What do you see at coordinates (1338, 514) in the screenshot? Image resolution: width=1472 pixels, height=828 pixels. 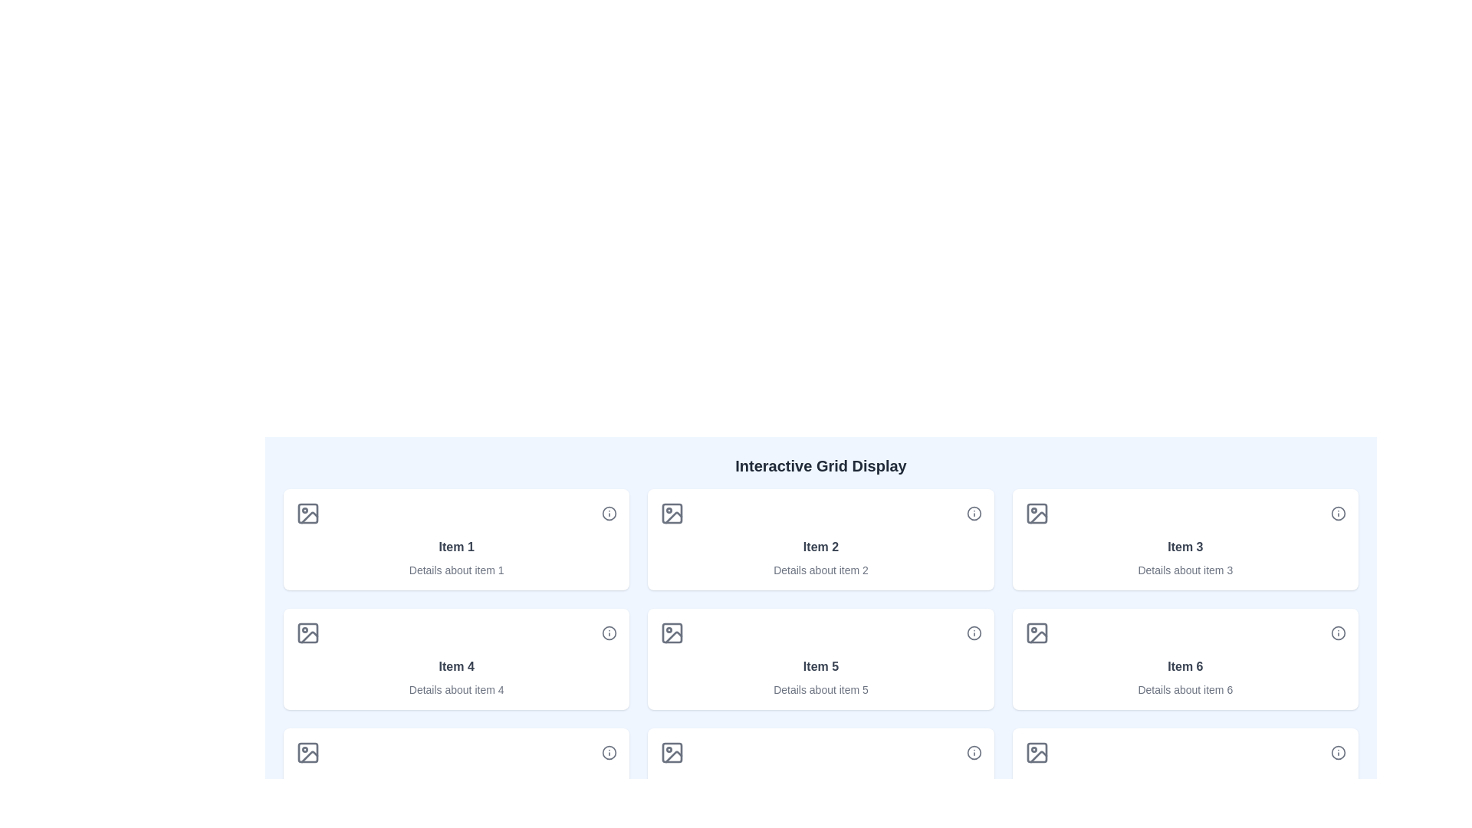 I see `the informational button located in the top-right corner of the 'Item 3' component to change its appearance` at bounding box center [1338, 514].